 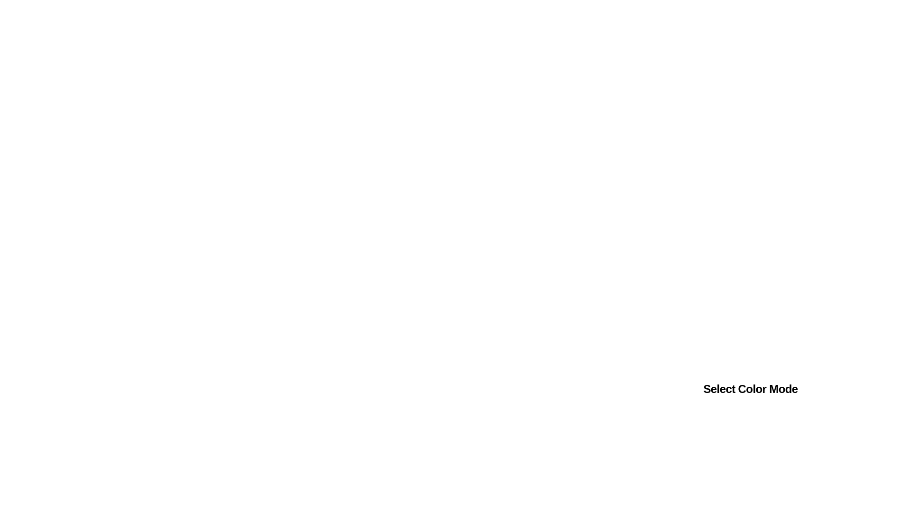 I want to click on the color mode by clicking on the button labeled Light Mode, so click(x=713, y=428).